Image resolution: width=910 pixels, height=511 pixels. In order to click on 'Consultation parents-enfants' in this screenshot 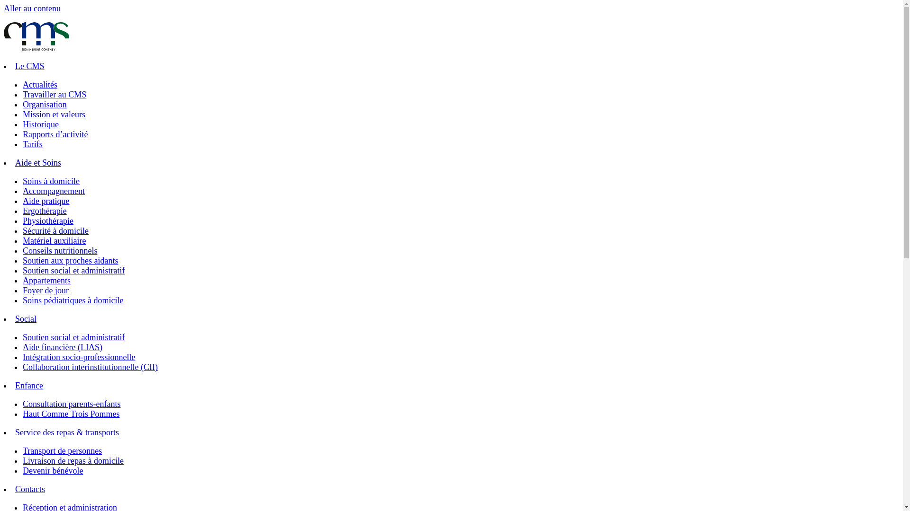, I will do `click(23, 404)`.